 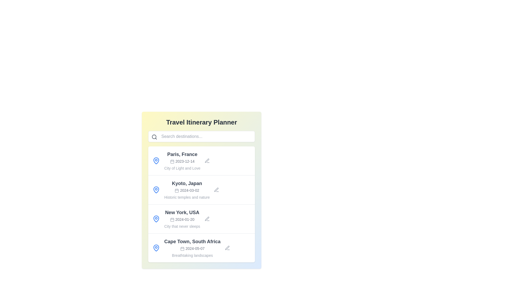 I want to click on the travel destination entry for 'Kyoto, Japan', so click(x=201, y=190).